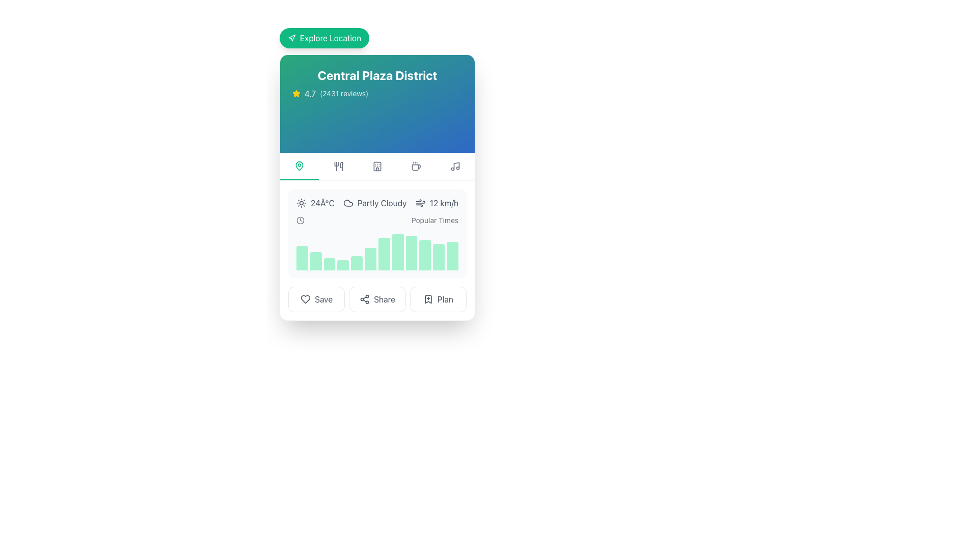  Describe the element at coordinates (300, 219) in the screenshot. I see `the circular clock icon located at the center of the clock icon in the Central Plaza District section` at that location.